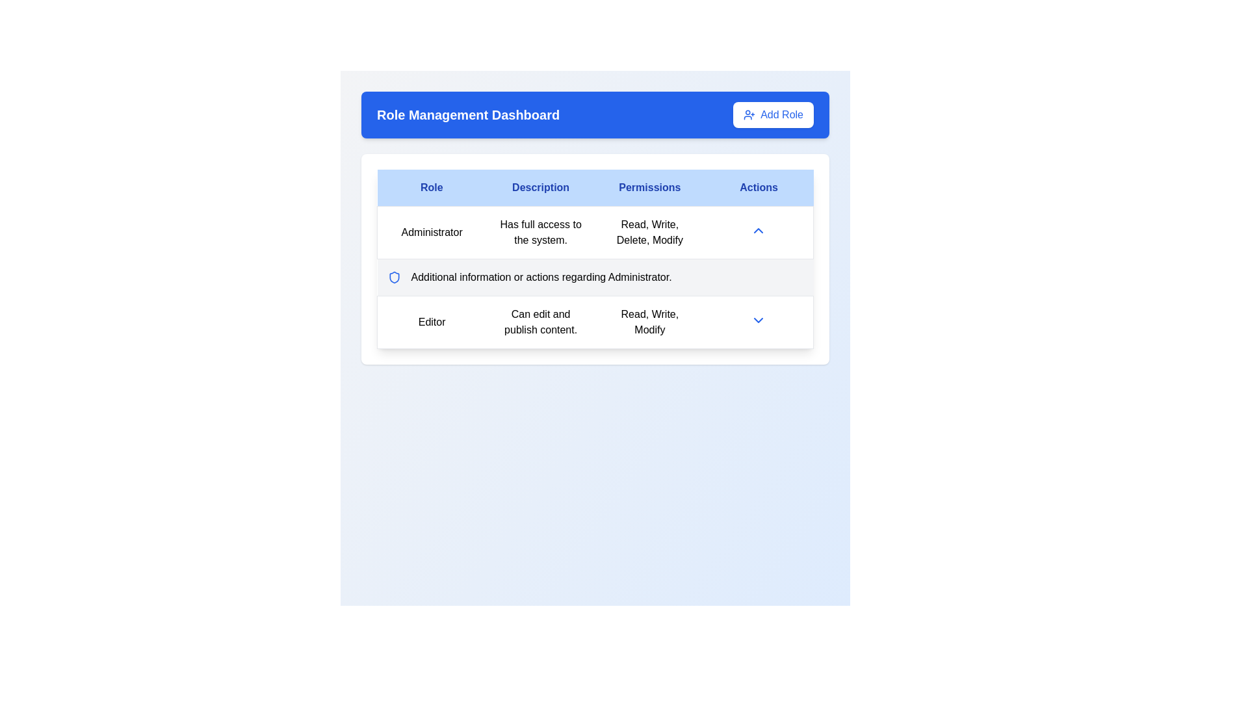 Image resolution: width=1248 pixels, height=702 pixels. Describe the element at coordinates (649, 322) in the screenshot. I see `the static text element displaying 'Read, Write, Modify' located in the 'Permissions' column of the 'Editor' row in the table` at that location.